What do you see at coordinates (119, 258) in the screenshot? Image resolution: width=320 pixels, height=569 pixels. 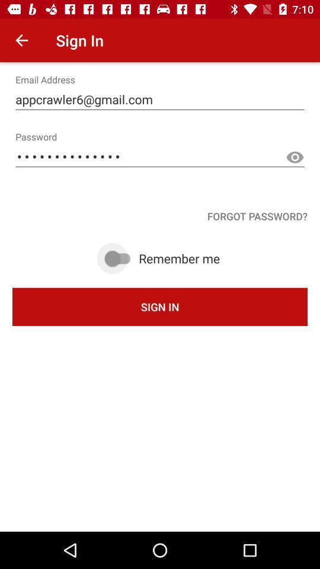 I see `switch autoplay option` at bounding box center [119, 258].